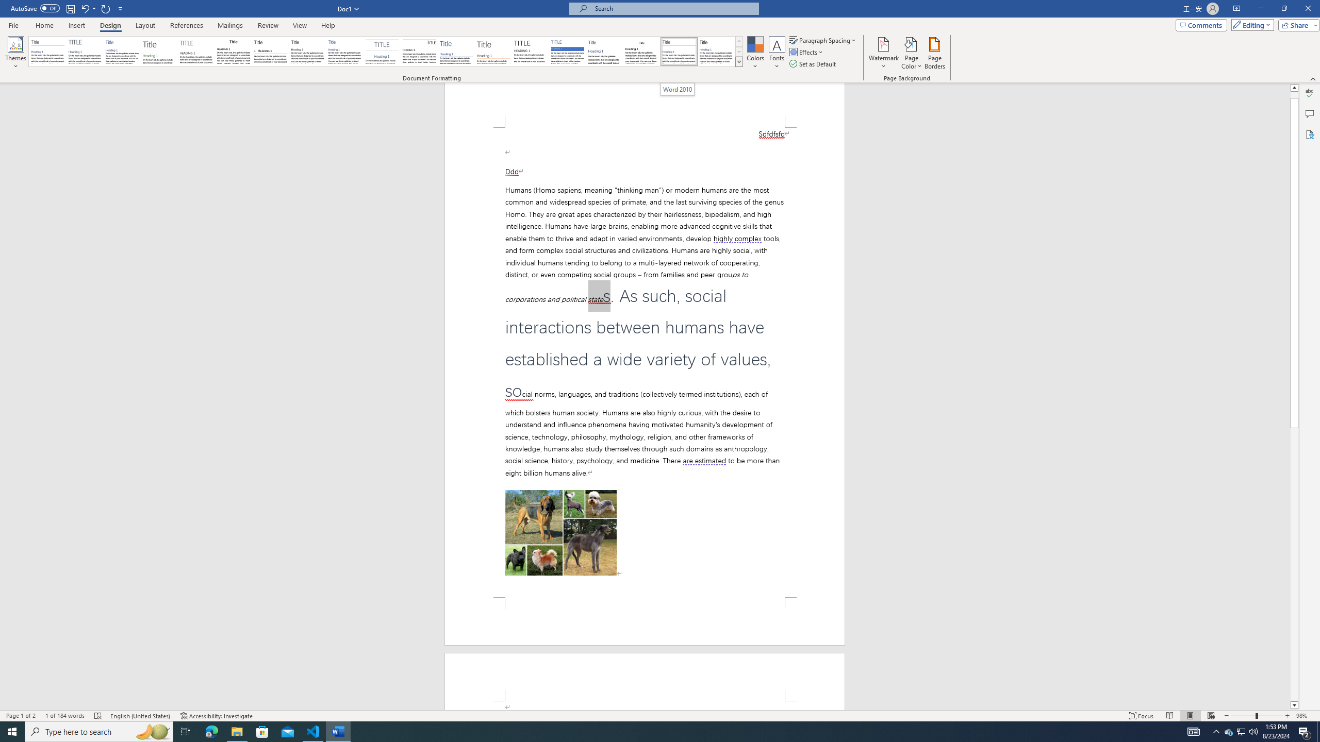 Image resolution: width=1320 pixels, height=742 pixels. I want to click on 'Effects', so click(807, 51).